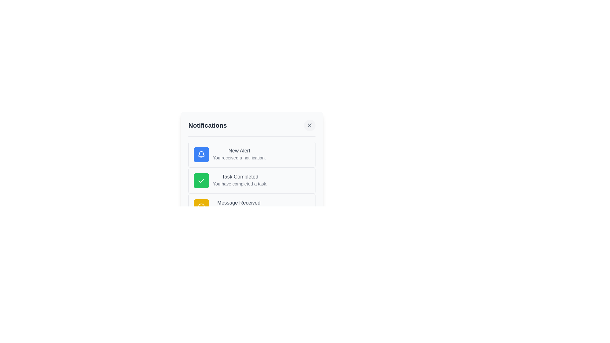 Image resolution: width=610 pixels, height=343 pixels. I want to click on the task completion status icon located to the left of the 'Task Completed' notification text, which is the second item in the notification list, so click(201, 180).